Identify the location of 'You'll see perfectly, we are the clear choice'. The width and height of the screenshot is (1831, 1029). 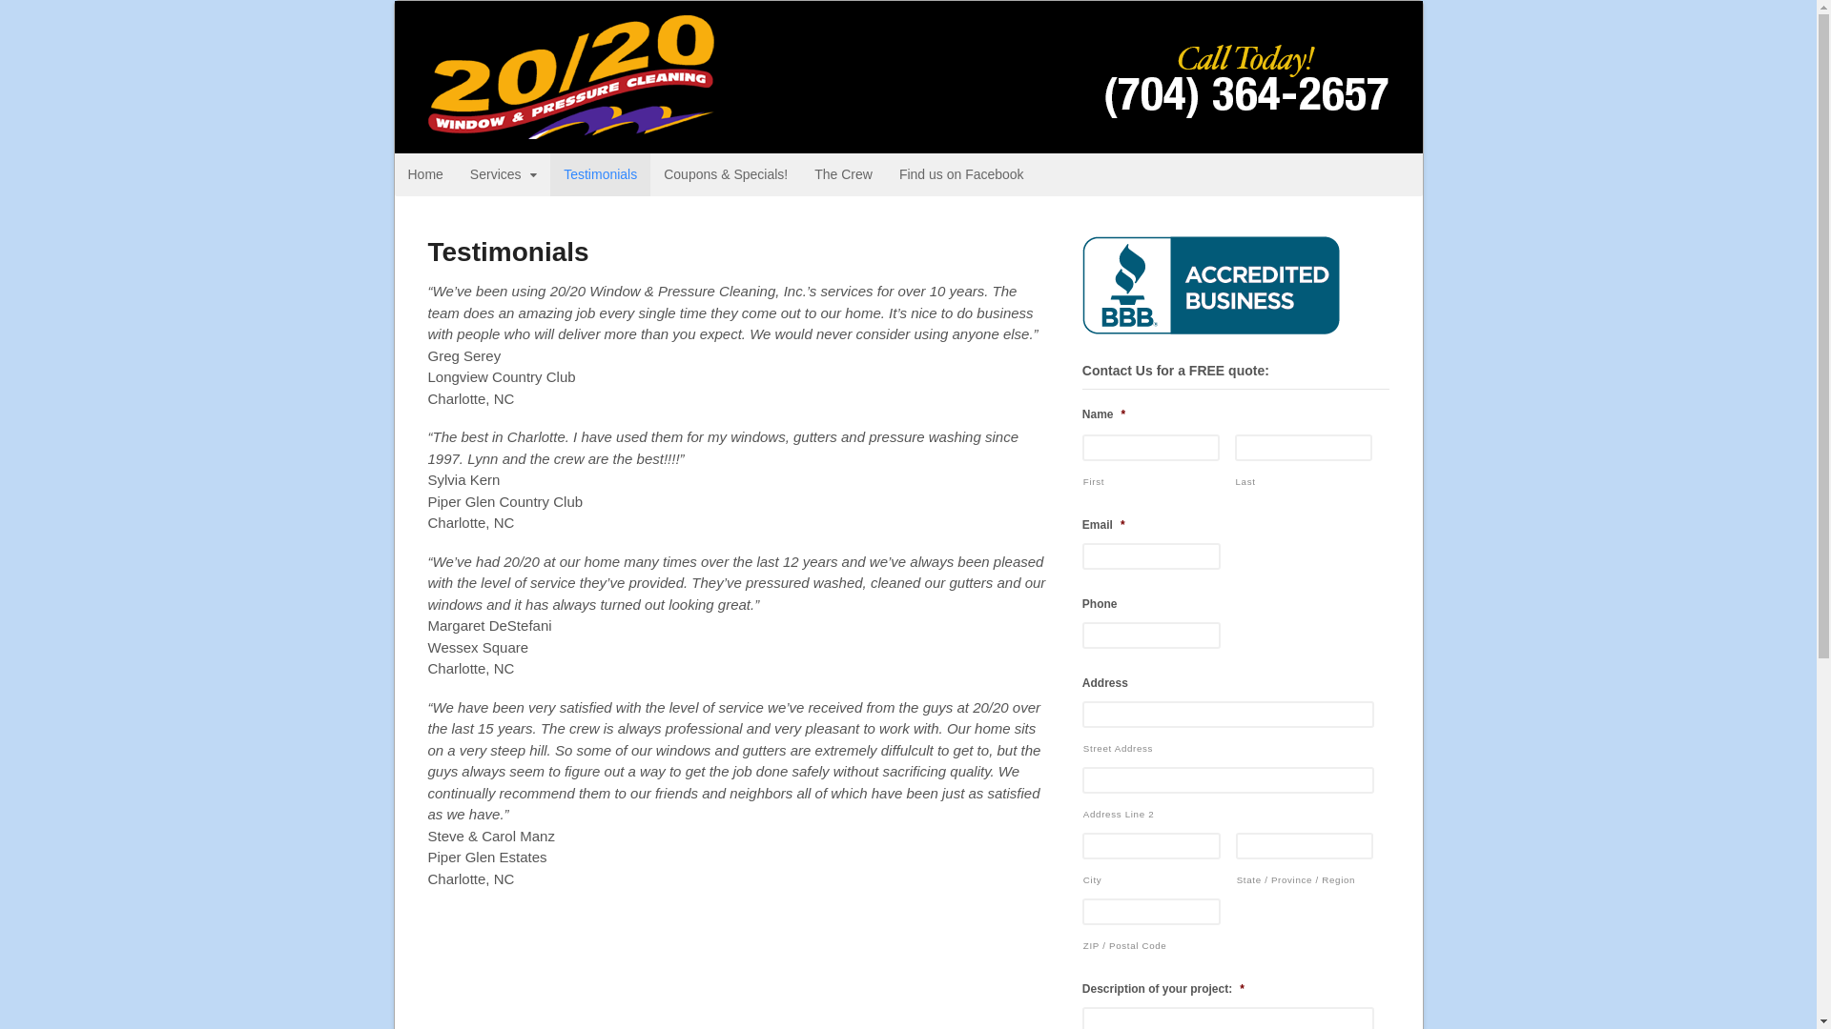
(569, 129).